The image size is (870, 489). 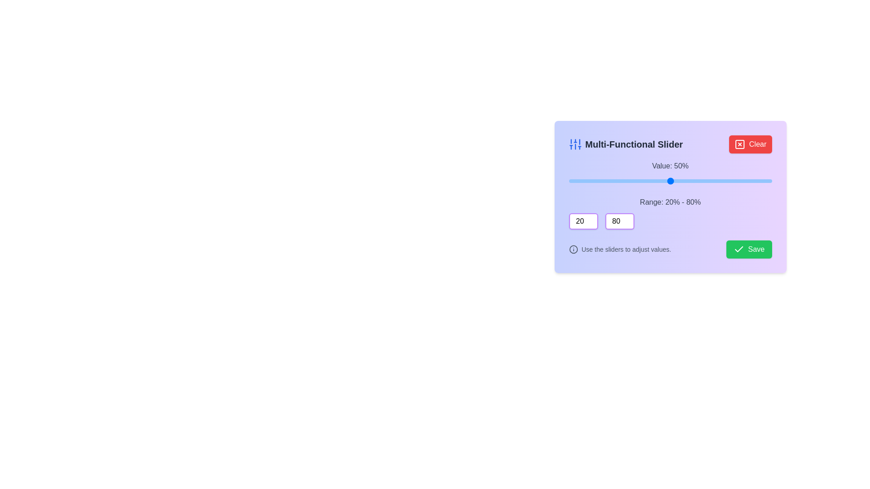 I want to click on the circular background portion of the information icon, which is an SVG element with a thin border, so click(x=573, y=249).